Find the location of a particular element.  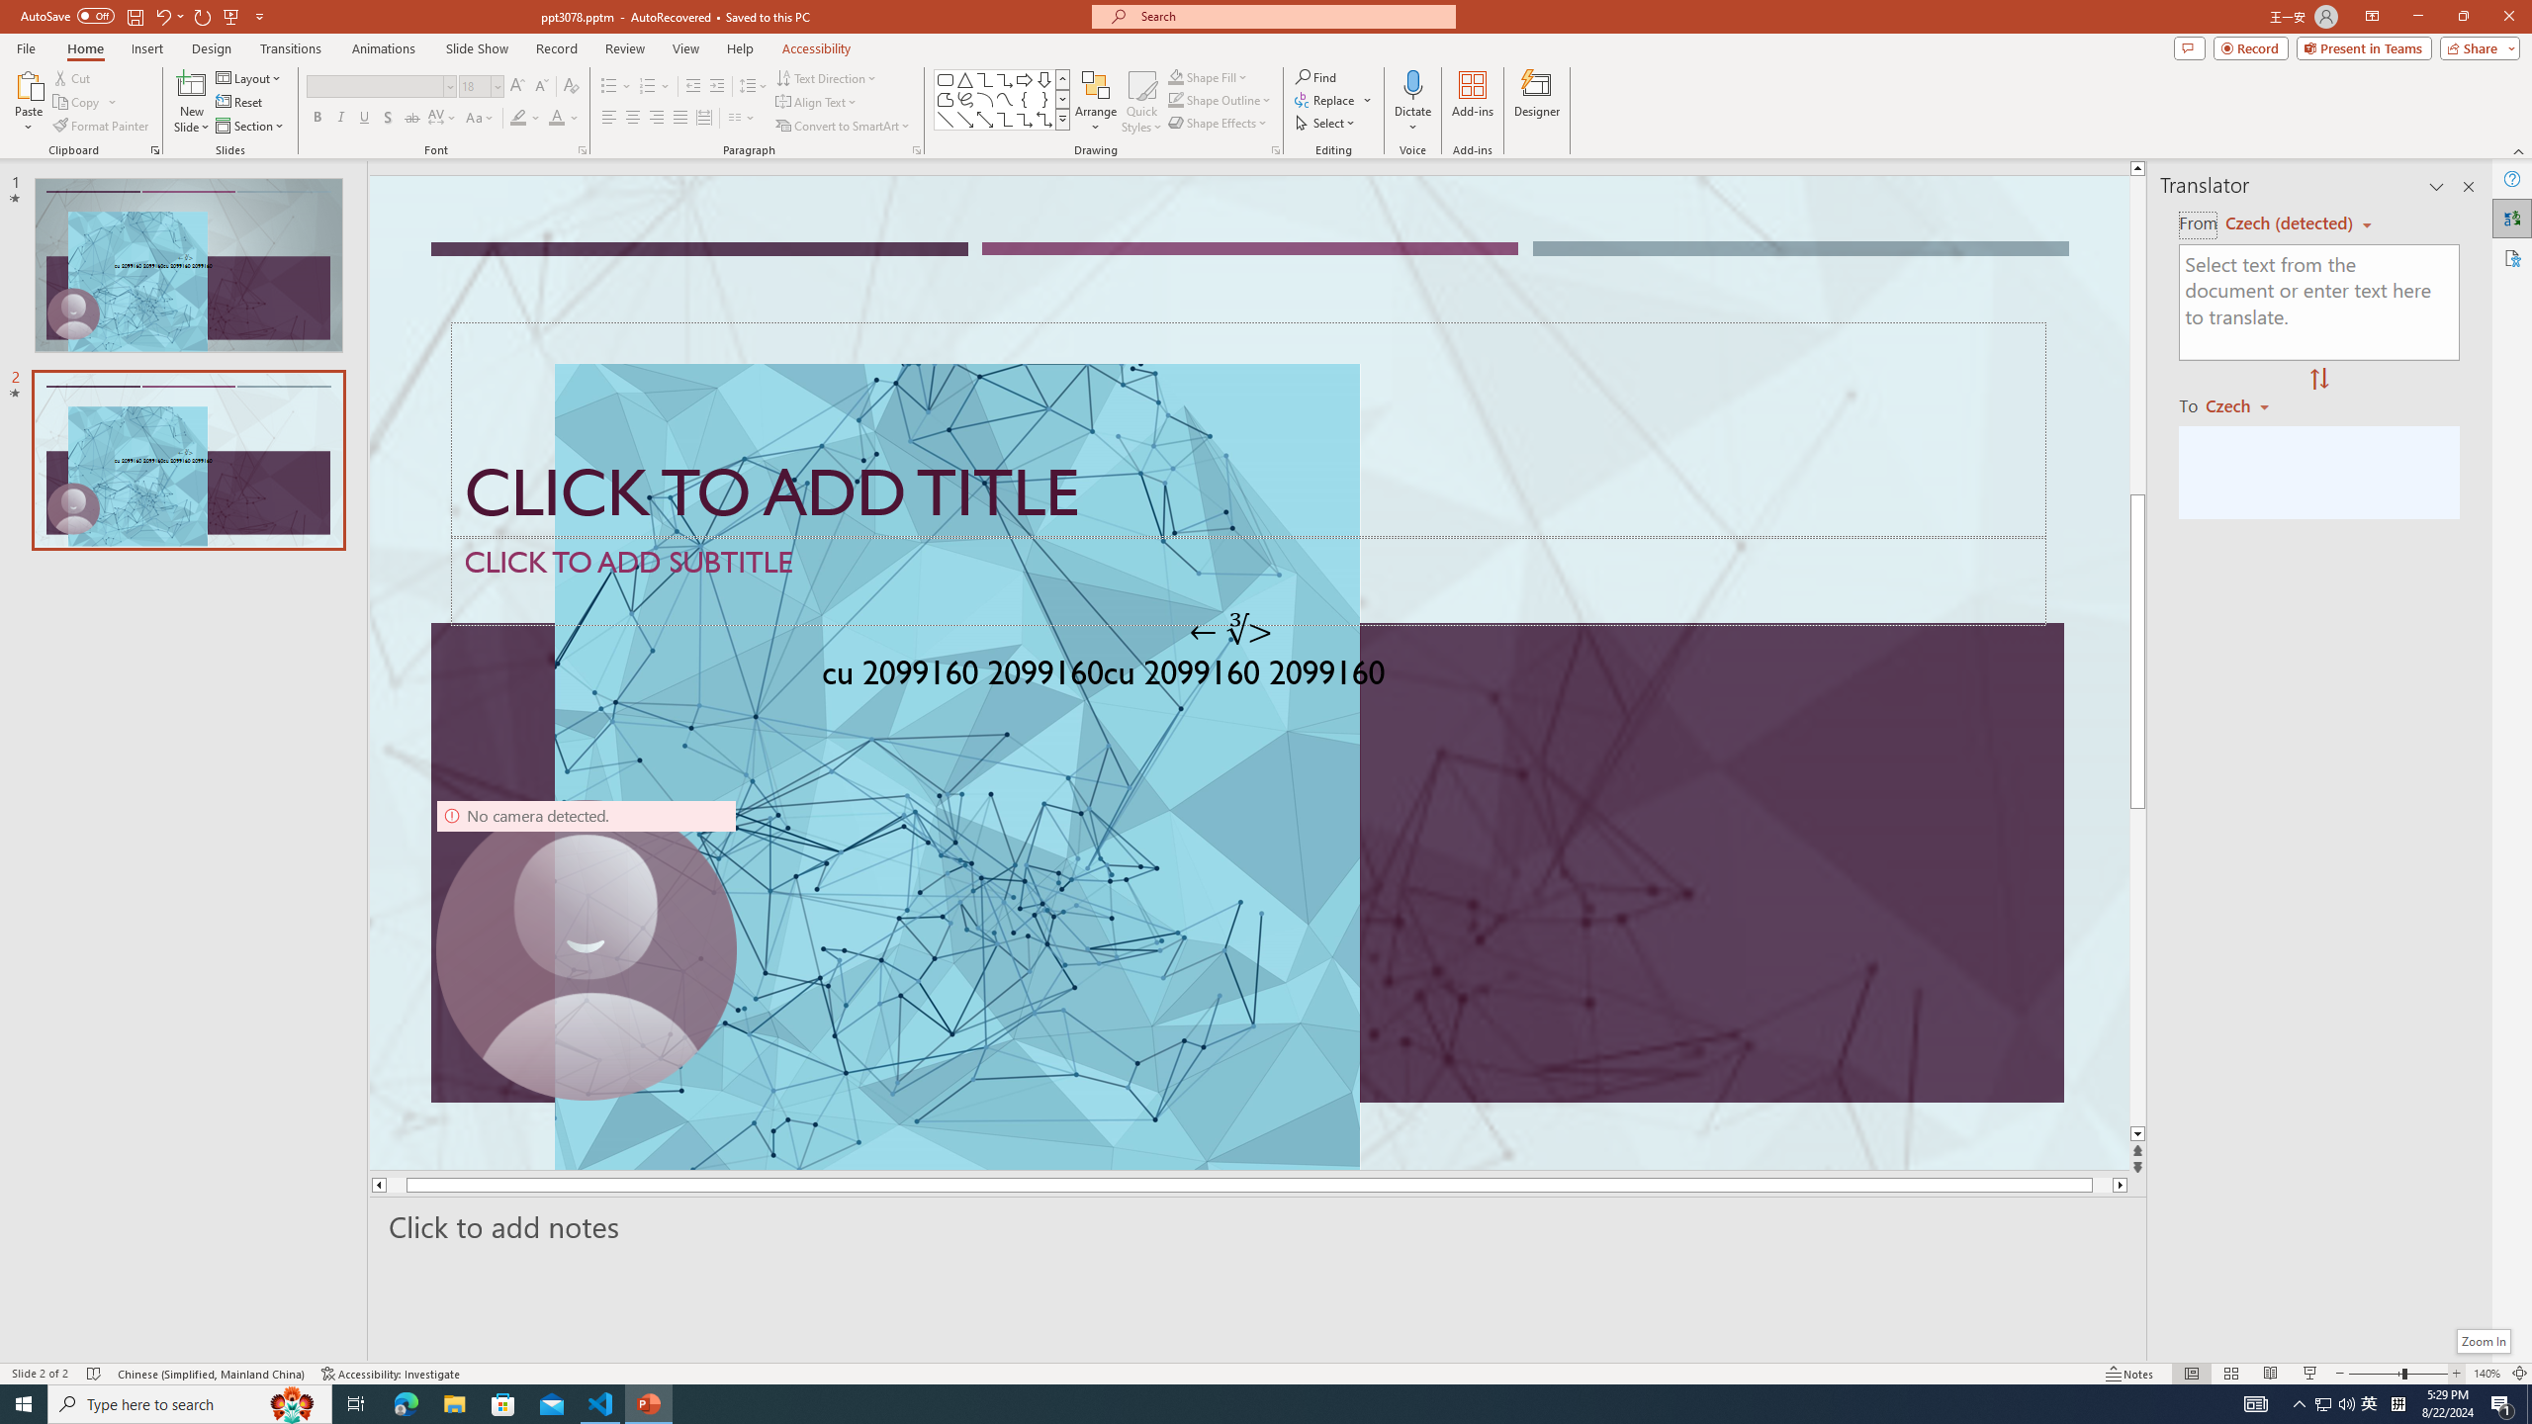

'Line Arrow: Double' is located at coordinates (983, 118).